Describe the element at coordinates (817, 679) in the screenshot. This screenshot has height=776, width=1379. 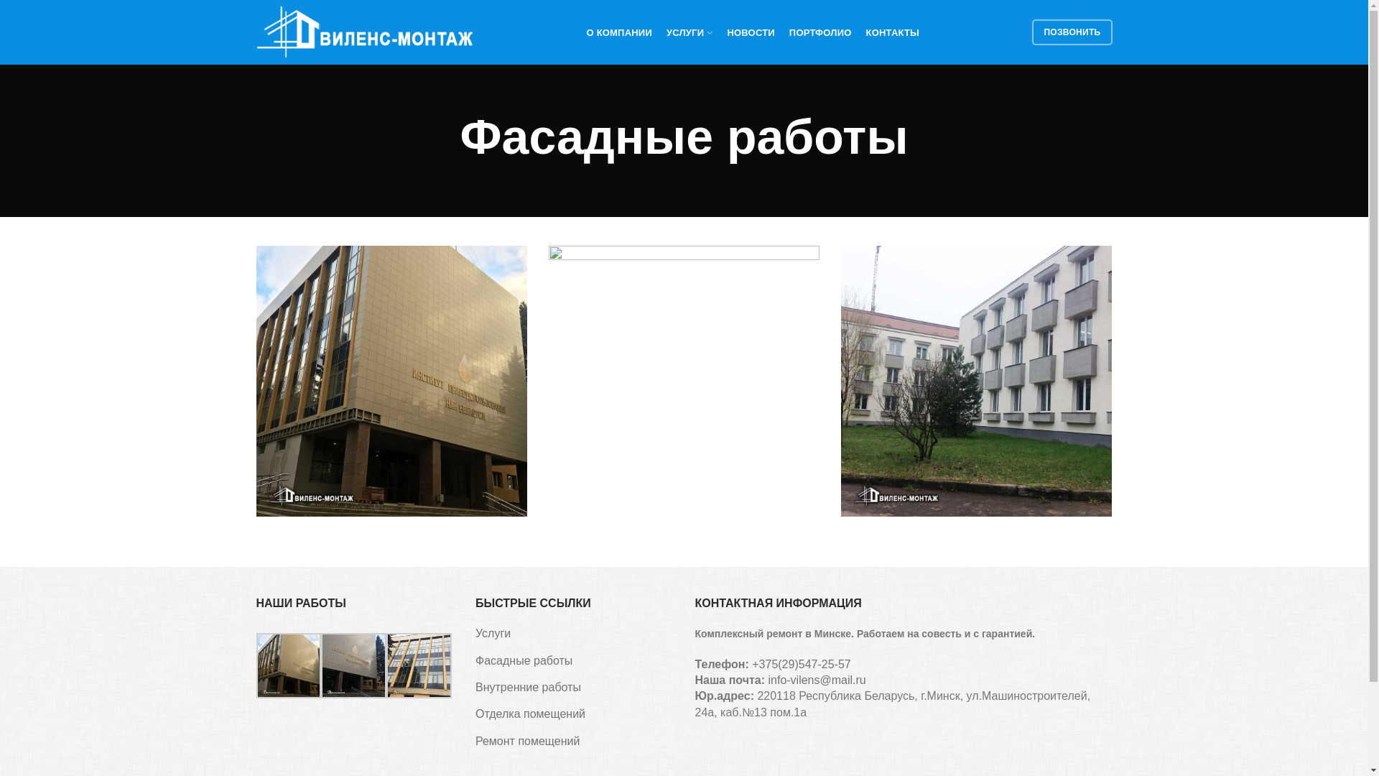
I see `'info-vilens@mail.ru'` at that location.